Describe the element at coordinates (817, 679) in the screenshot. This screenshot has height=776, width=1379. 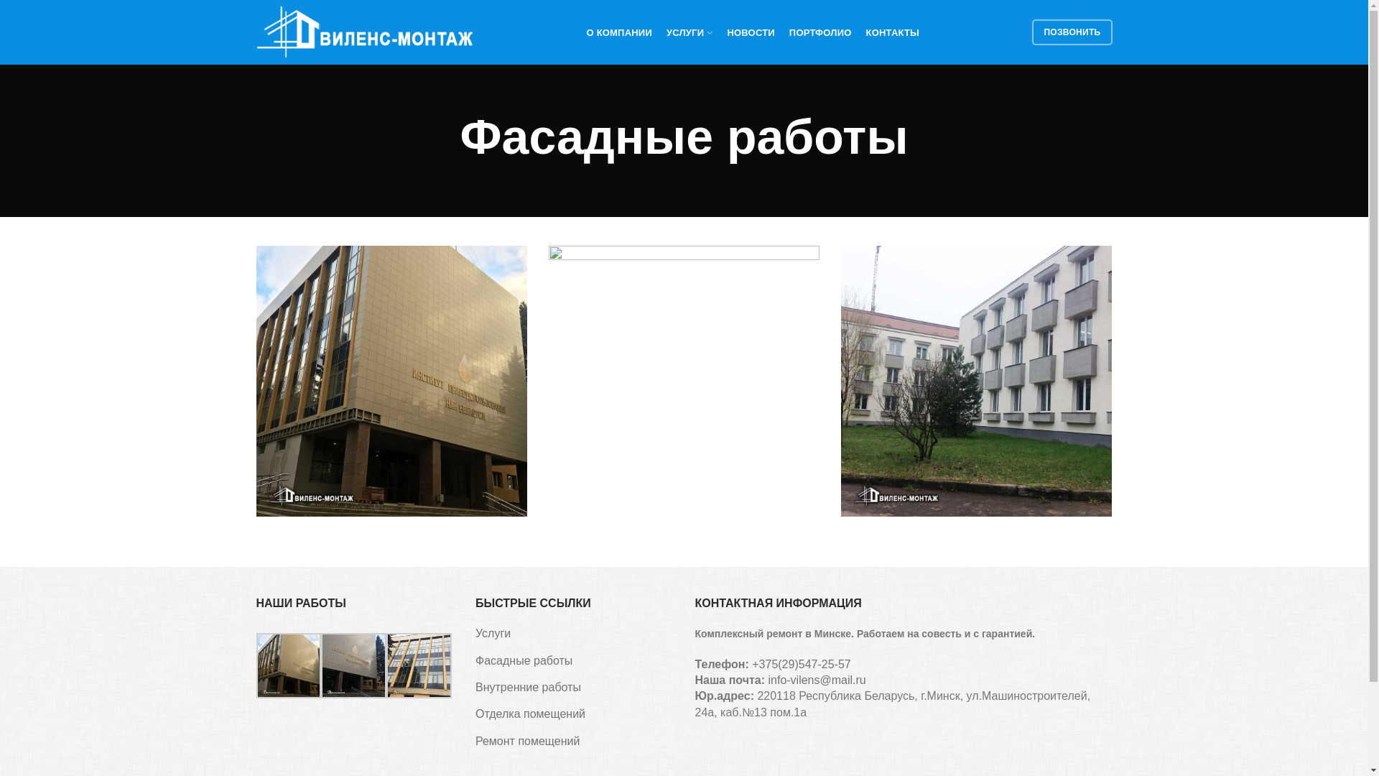
I see `'info-vilens@mail.ru'` at that location.